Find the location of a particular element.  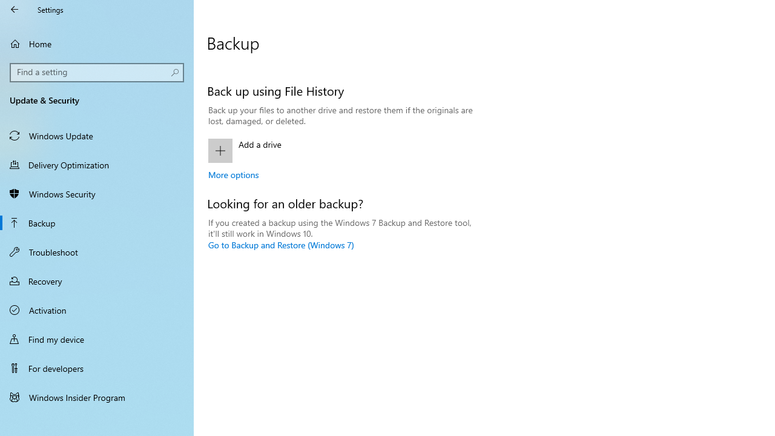

'Back' is located at coordinates (15, 9).